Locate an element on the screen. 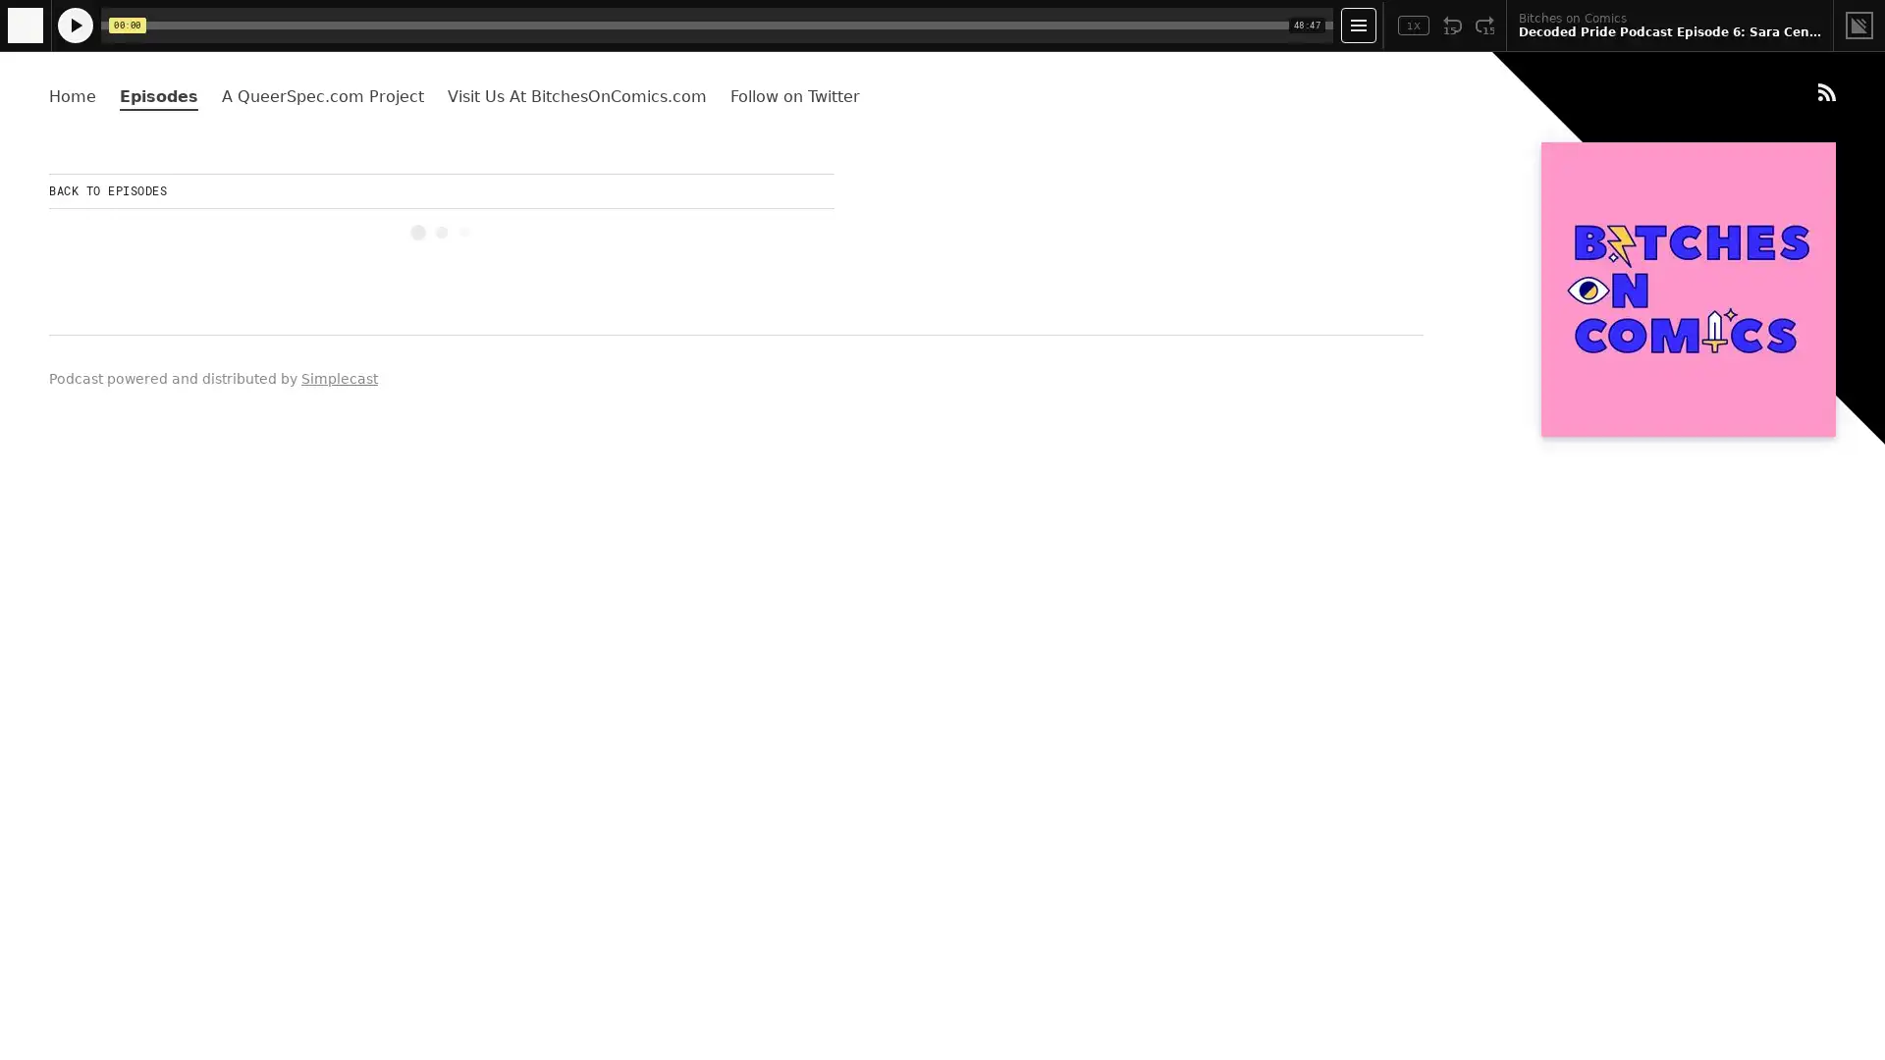 The height and width of the screenshot is (1060, 1885). Play is located at coordinates (75, 26).